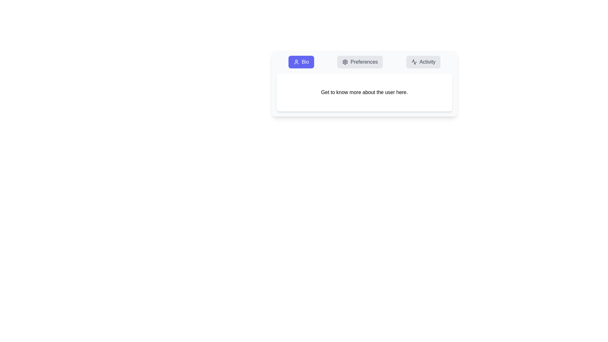  Describe the element at coordinates (360, 62) in the screenshot. I see `the 'Preferences' tab to switch to the preferences section` at that location.